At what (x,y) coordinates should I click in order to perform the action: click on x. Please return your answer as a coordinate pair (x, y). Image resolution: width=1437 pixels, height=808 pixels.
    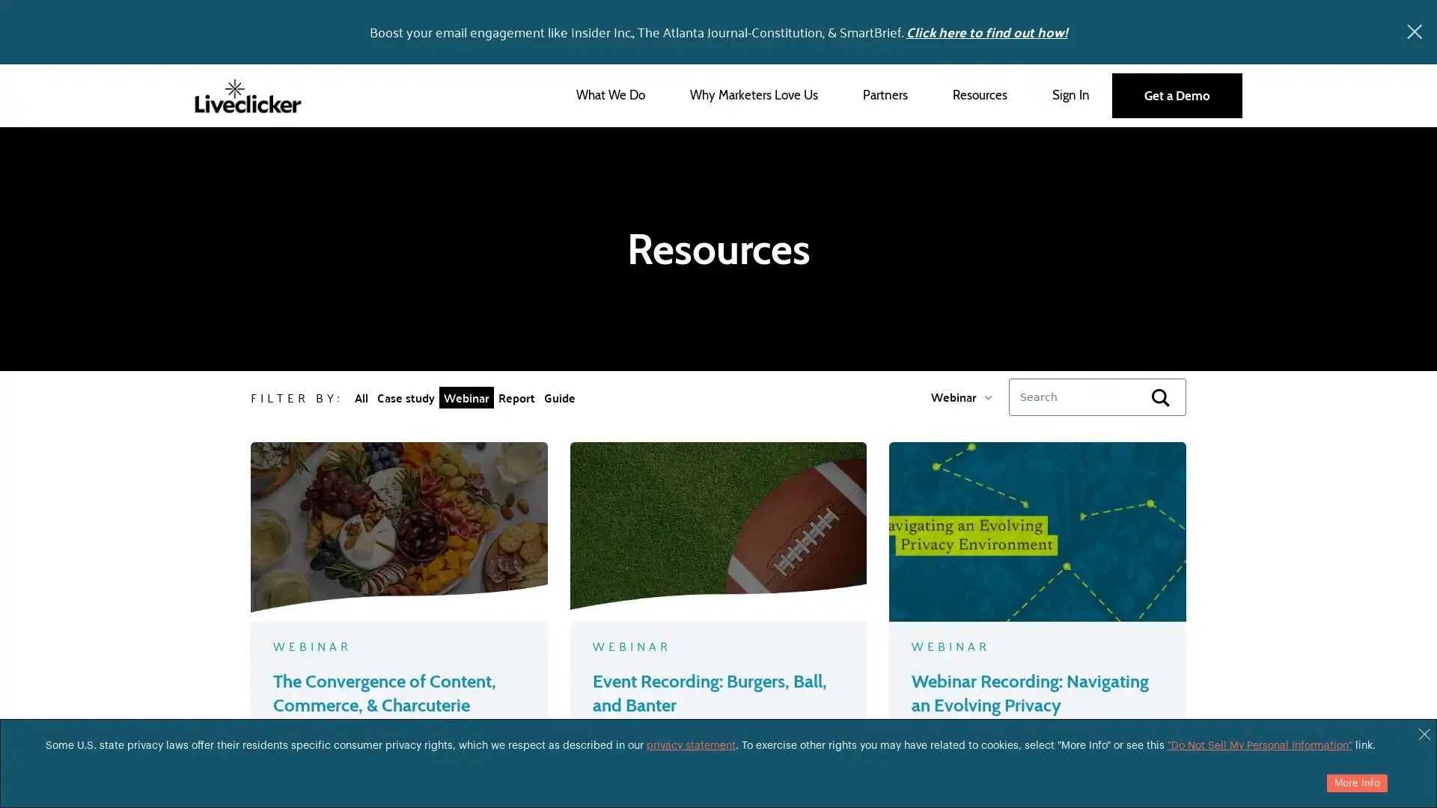
    Looking at the image, I should click on (1414, 31).